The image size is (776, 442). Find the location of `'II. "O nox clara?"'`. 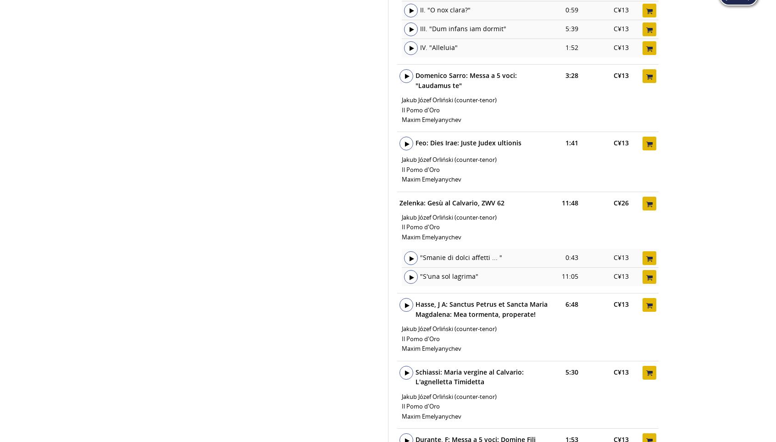

'II. "O nox clara?"' is located at coordinates (445, 9).